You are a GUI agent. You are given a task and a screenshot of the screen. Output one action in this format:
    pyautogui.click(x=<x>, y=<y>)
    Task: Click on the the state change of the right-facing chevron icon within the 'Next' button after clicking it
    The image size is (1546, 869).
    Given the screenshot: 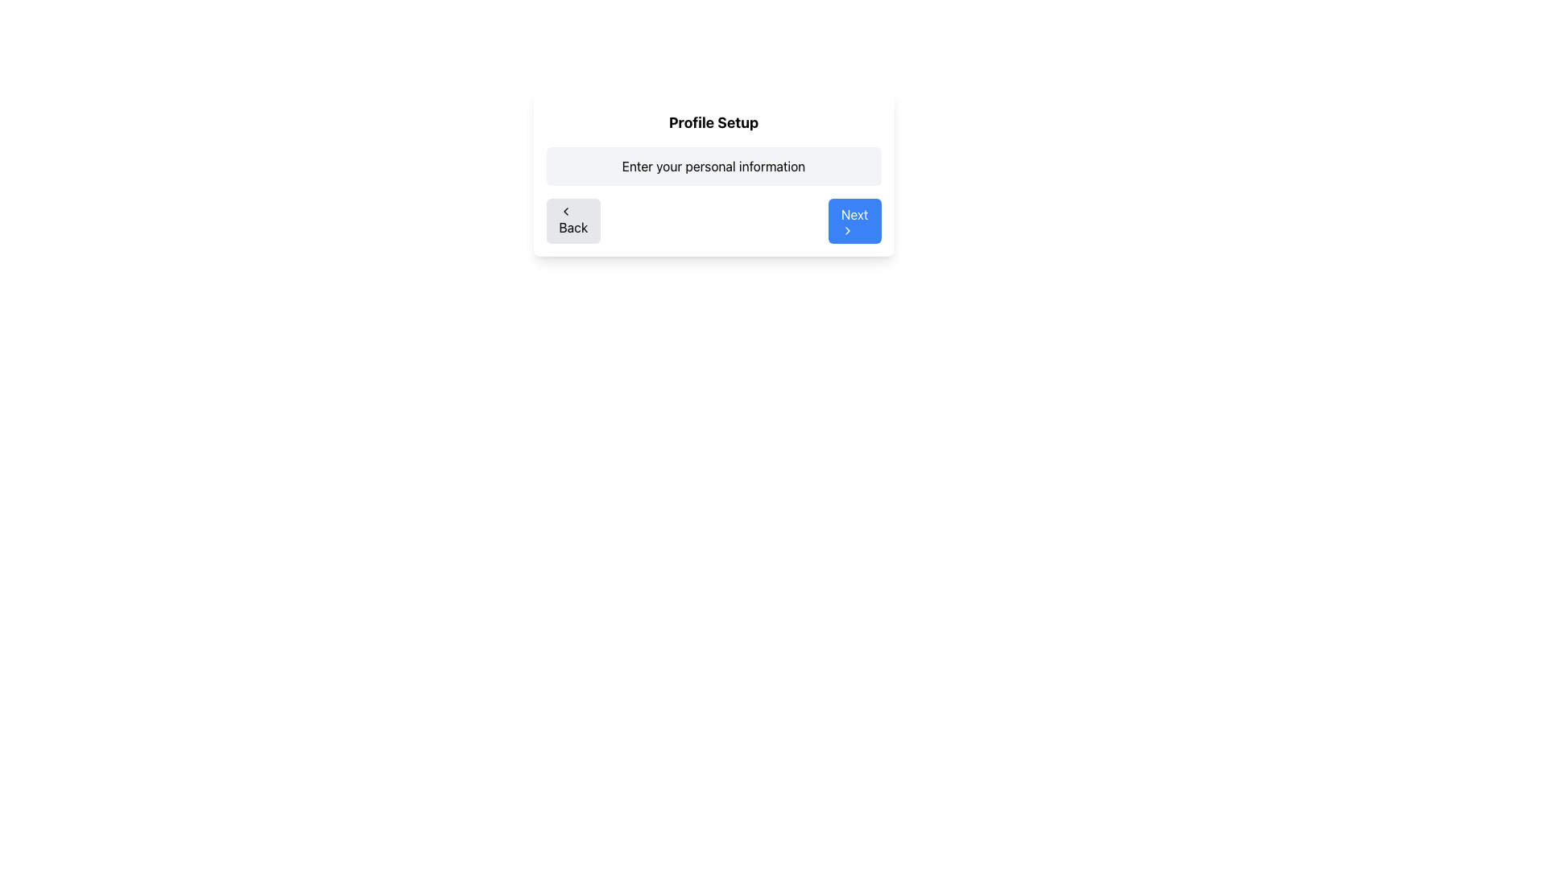 What is the action you would take?
    pyautogui.click(x=846, y=230)
    